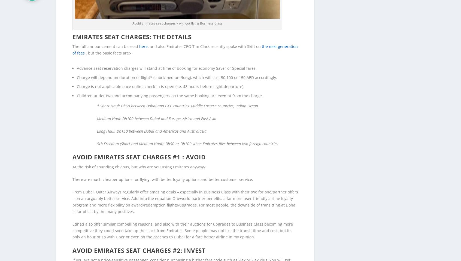 The height and width of the screenshot is (261, 461). Describe the element at coordinates (169, 87) in the screenshot. I see `'Children under two and accompanying passengers on the same booking are exempt from the charge.'` at that location.